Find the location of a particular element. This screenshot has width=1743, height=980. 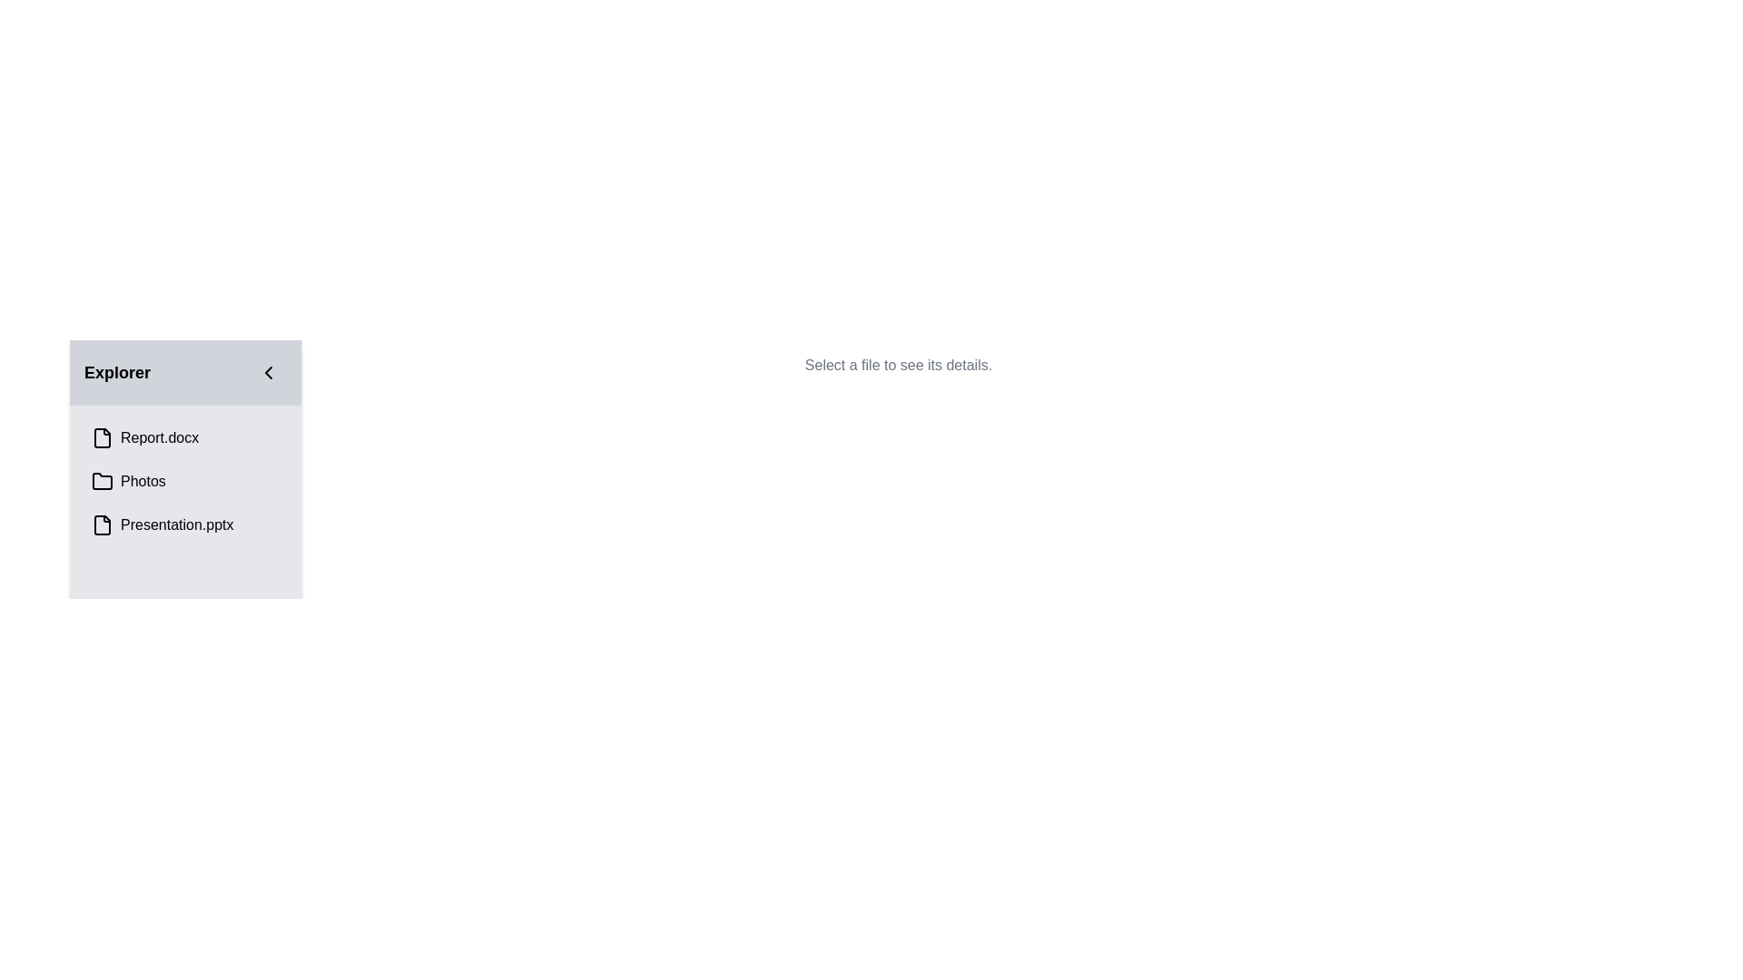

the file type icon associated with 'Report.docx' is located at coordinates (102, 437).